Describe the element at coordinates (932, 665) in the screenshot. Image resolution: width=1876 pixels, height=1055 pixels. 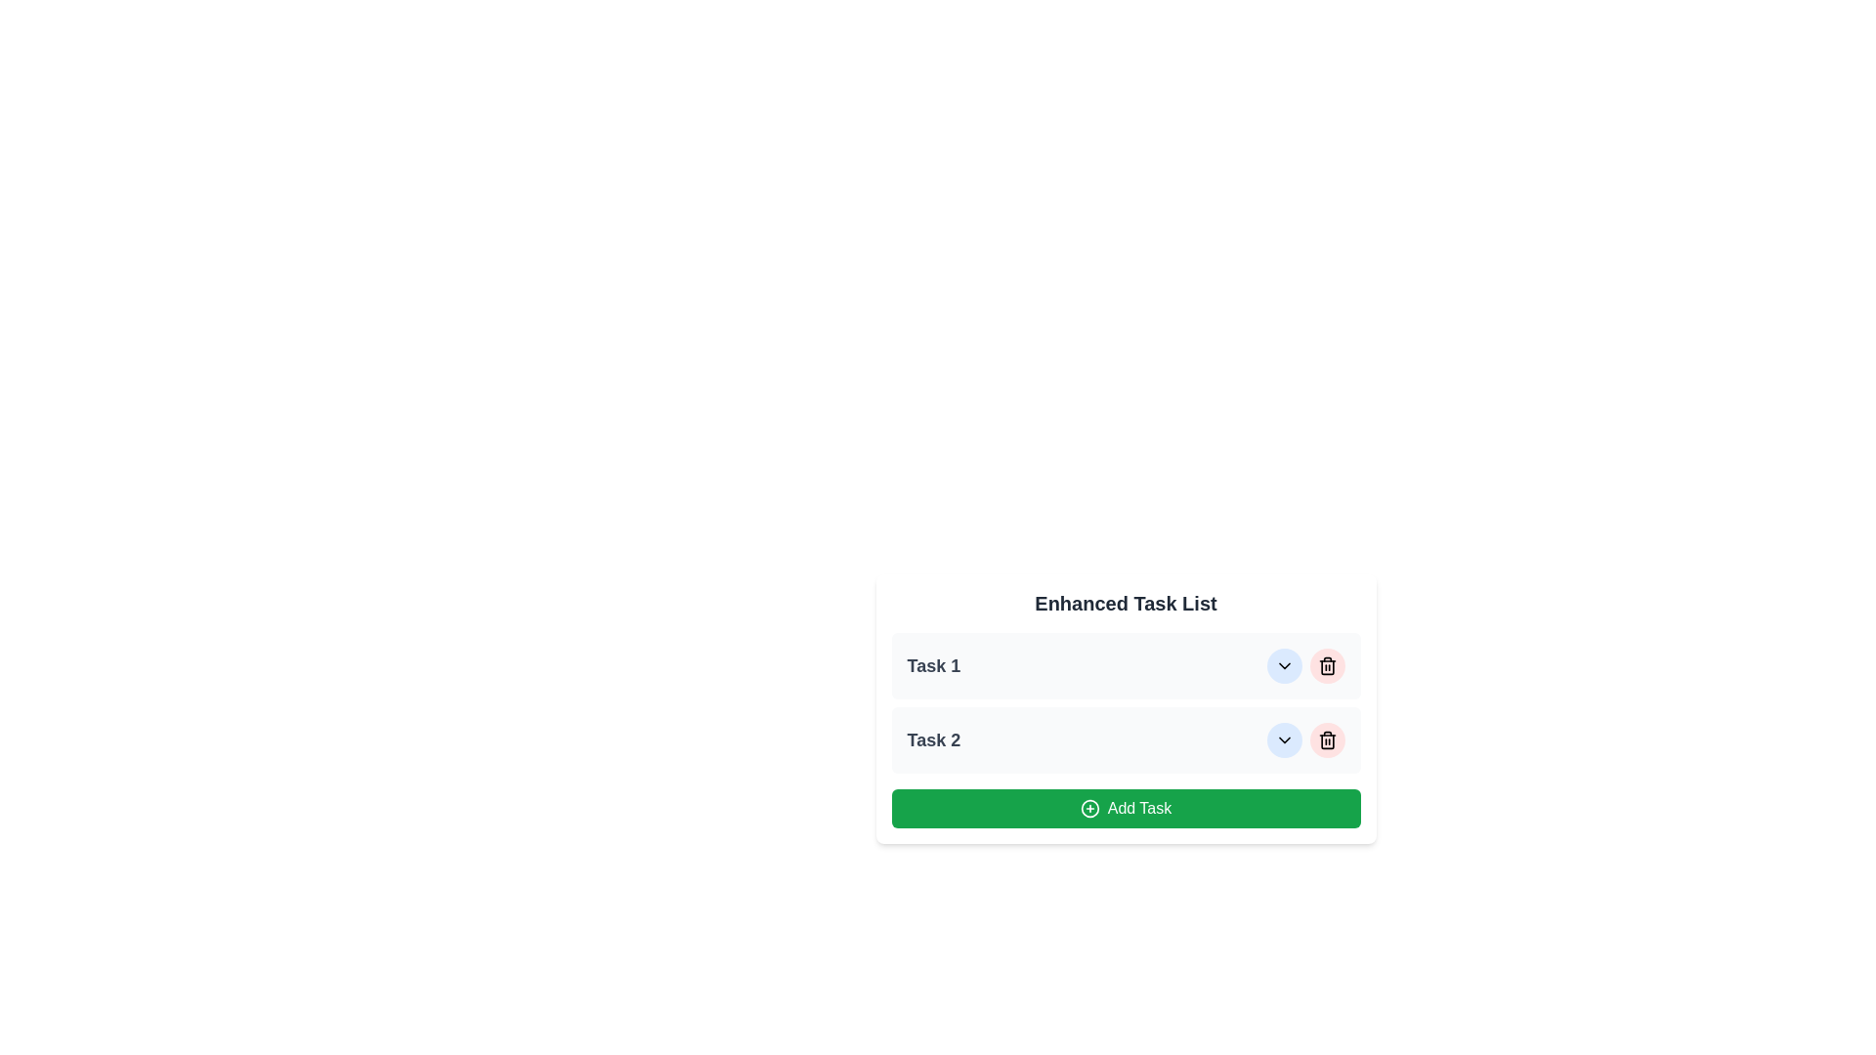
I see `the text label reading 'Task 1', which is styled with a bold font and is the first item in a vertical task list` at that location.